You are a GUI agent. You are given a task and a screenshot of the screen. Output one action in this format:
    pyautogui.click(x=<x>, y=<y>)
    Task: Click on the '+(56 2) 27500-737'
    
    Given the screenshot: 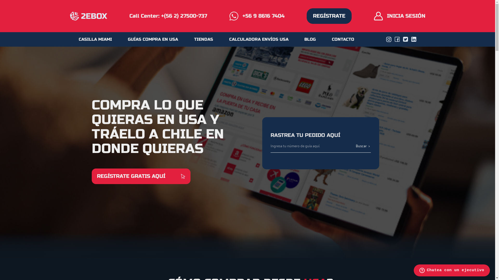 What is the action you would take?
    pyautogui.click(x=184, y=16)
    